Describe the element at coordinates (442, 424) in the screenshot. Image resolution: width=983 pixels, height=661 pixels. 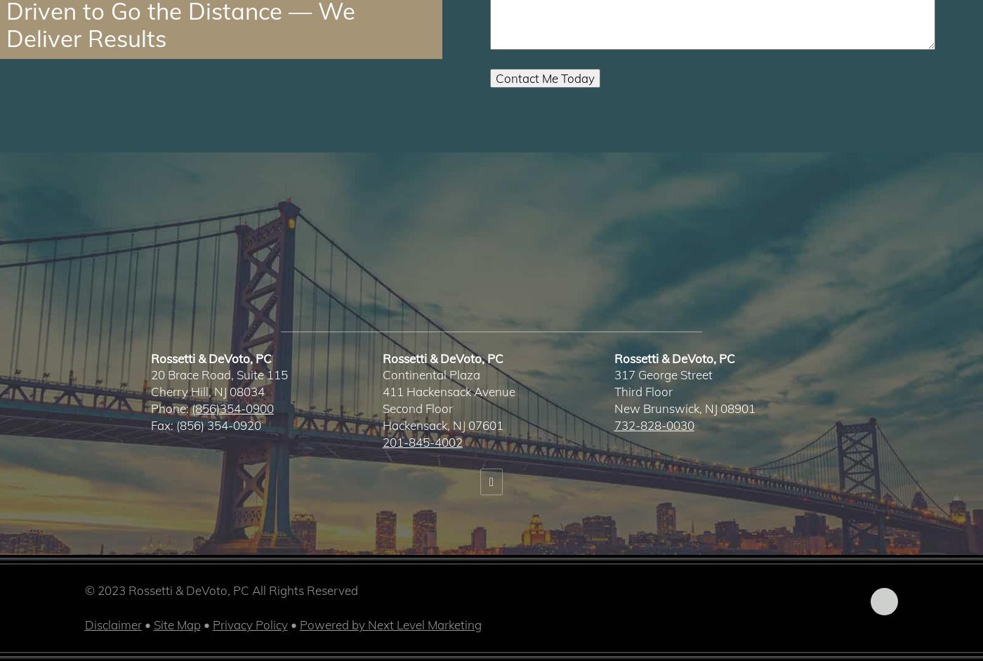
I see `'Hackensack, NJ 07601'` at that location.